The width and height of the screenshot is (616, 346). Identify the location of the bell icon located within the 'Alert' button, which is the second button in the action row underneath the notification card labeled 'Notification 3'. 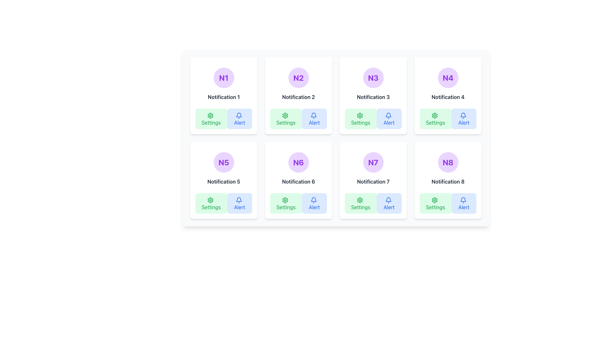
(388, 115).